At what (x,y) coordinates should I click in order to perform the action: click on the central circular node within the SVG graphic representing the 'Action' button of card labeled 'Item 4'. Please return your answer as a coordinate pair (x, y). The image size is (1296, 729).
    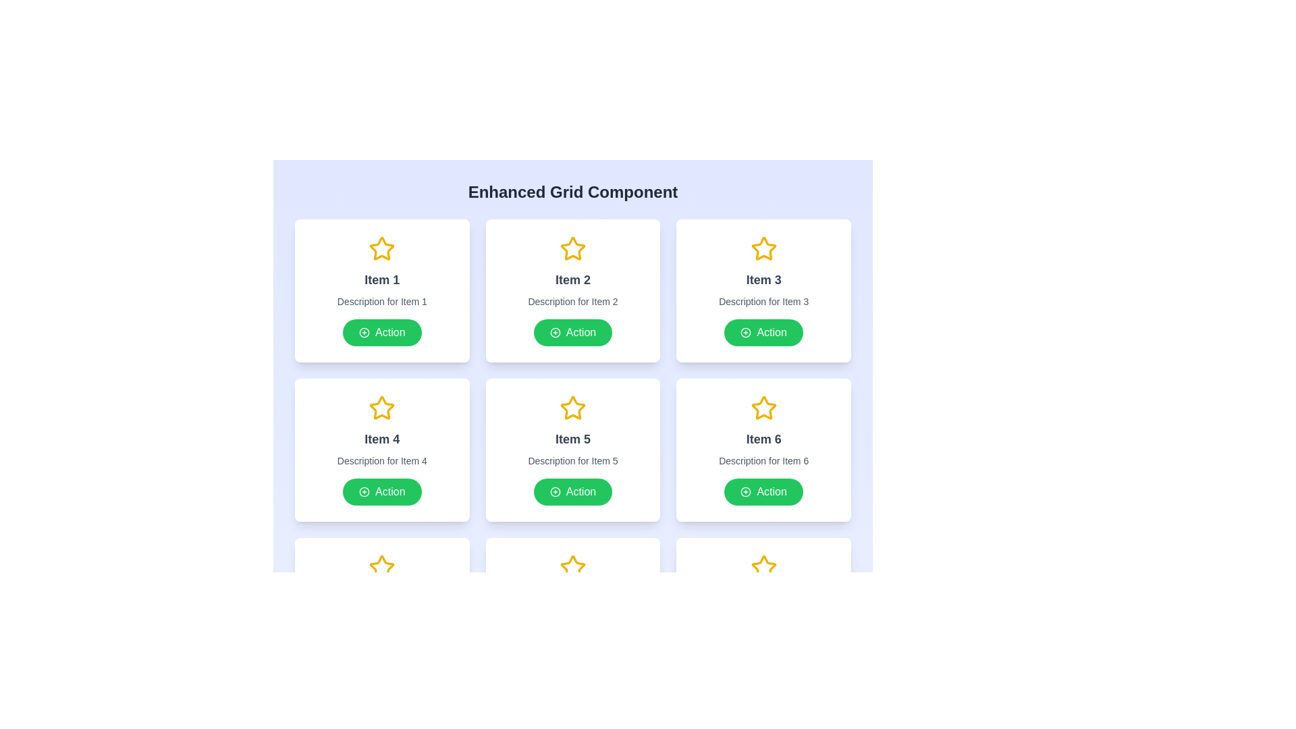
    Looking at the image, I should click on (364, 492).